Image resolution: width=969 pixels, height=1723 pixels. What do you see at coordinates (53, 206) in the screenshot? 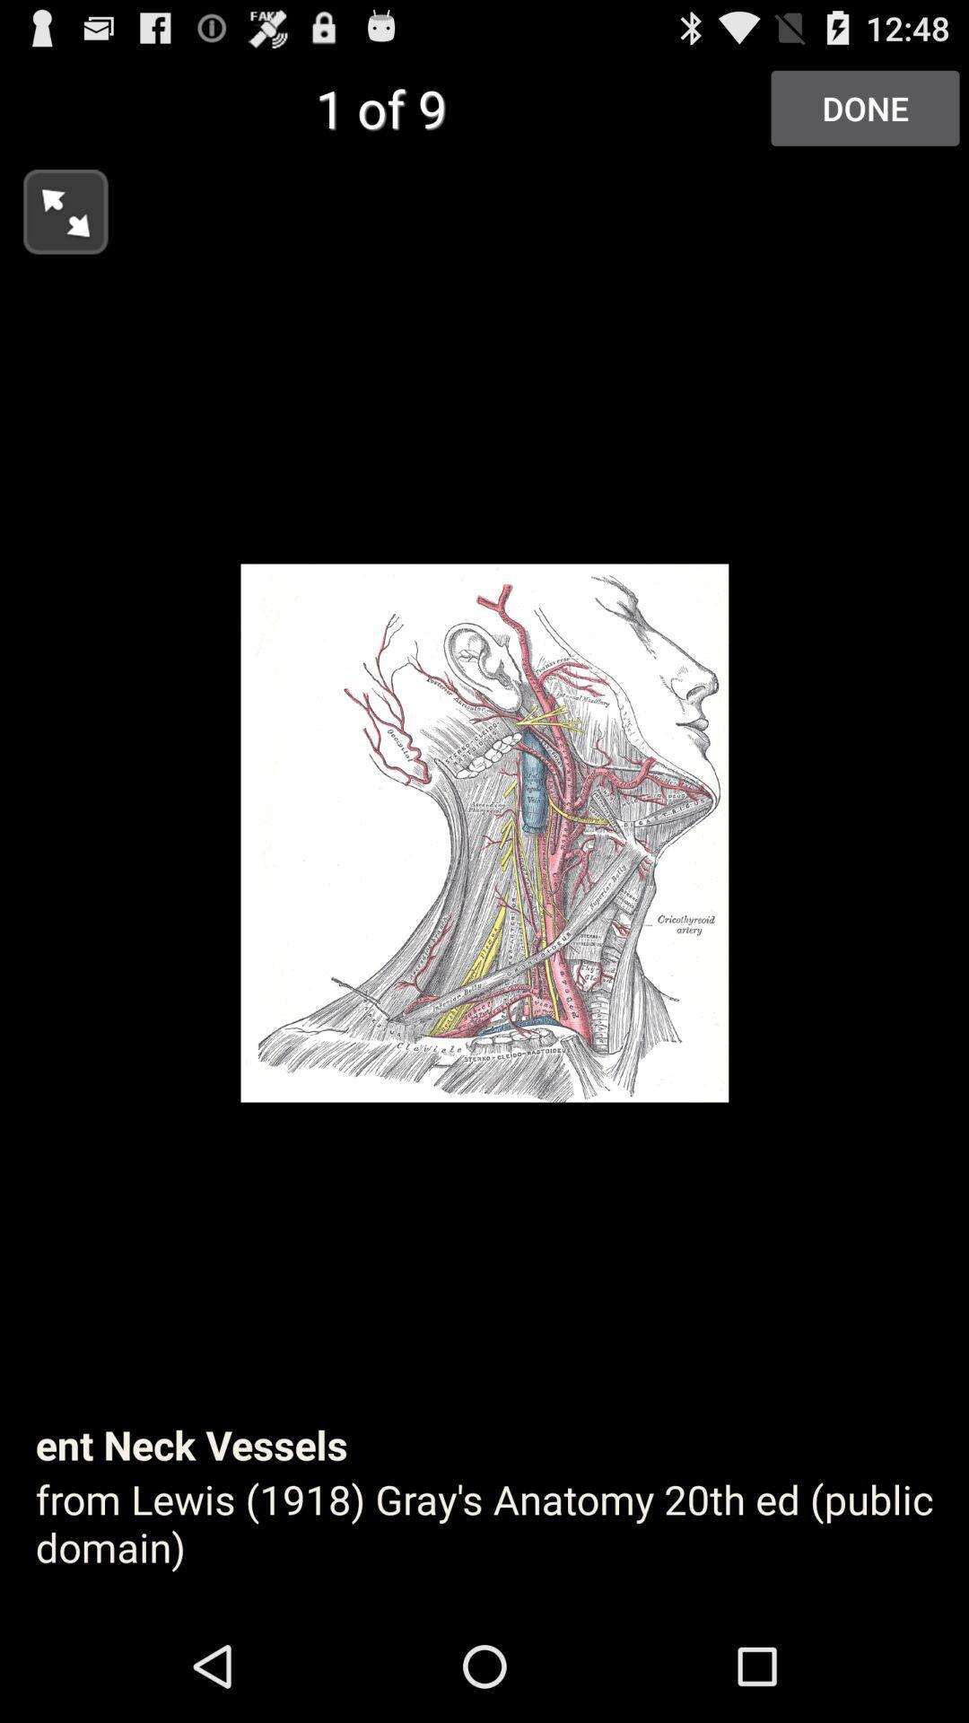
I see `the icon below the 1 of 9 item` at bounding box center [53, 206].